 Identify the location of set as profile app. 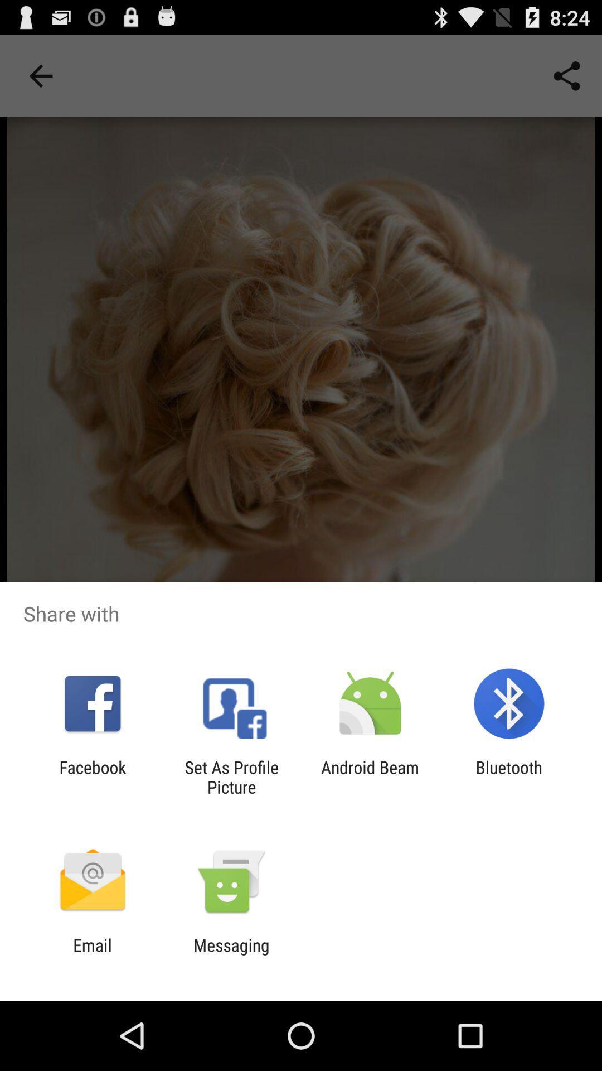
(231, 776).